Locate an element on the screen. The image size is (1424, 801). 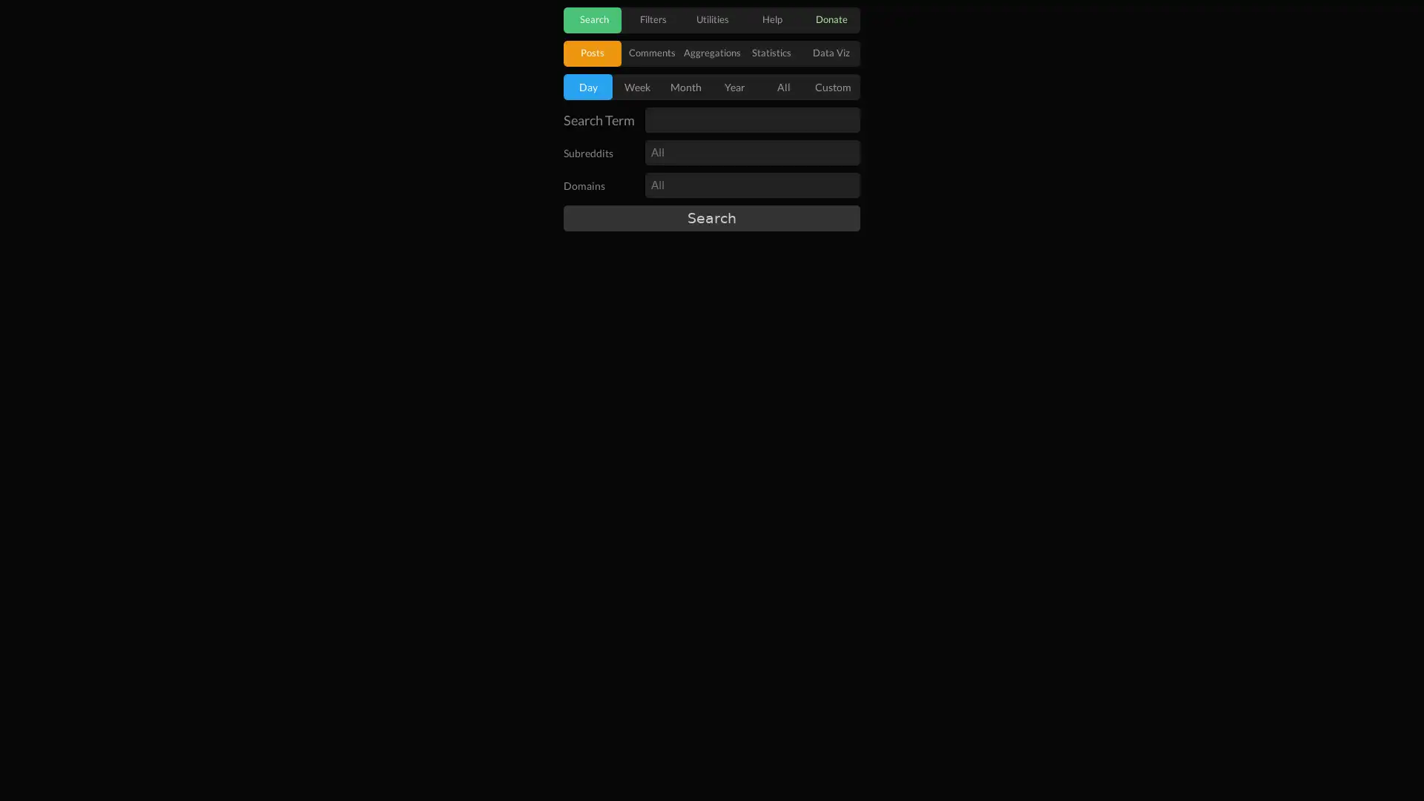
Search is located at coordinates (712, 218).